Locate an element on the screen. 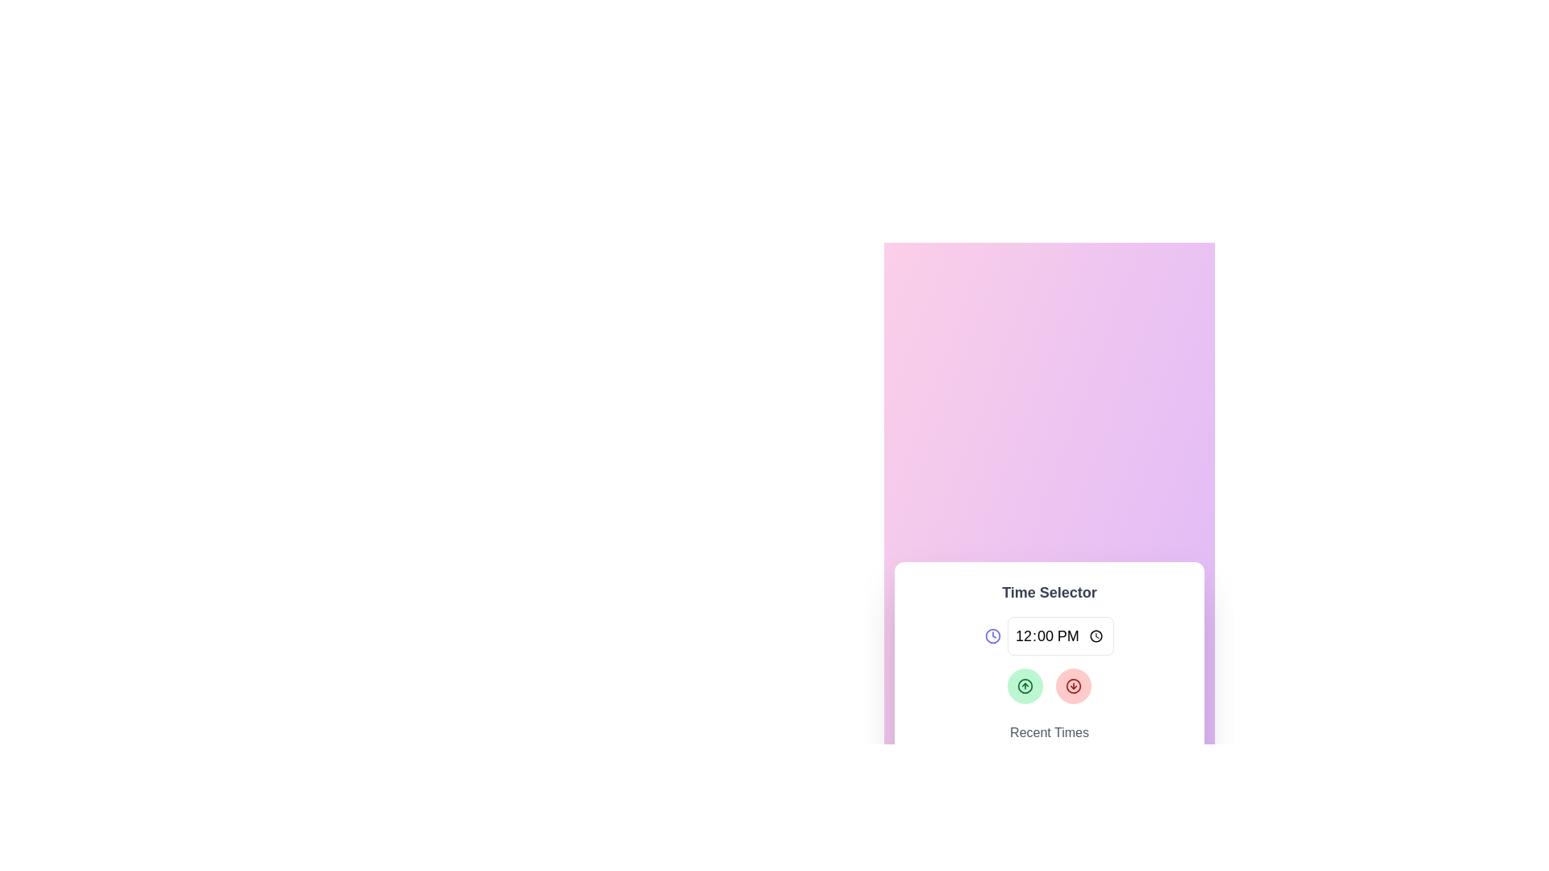  the green circular icon button with an upward arrow, positioned below the 'Time Selector' label and to the left of a red button with a downward arrow is located at coordinates (1025, 686).